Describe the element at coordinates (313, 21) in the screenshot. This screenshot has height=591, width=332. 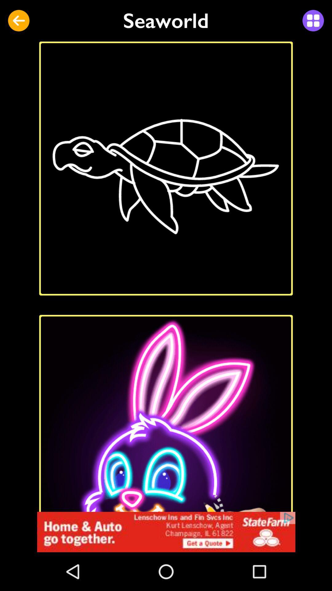
I see `see collection` at that location.